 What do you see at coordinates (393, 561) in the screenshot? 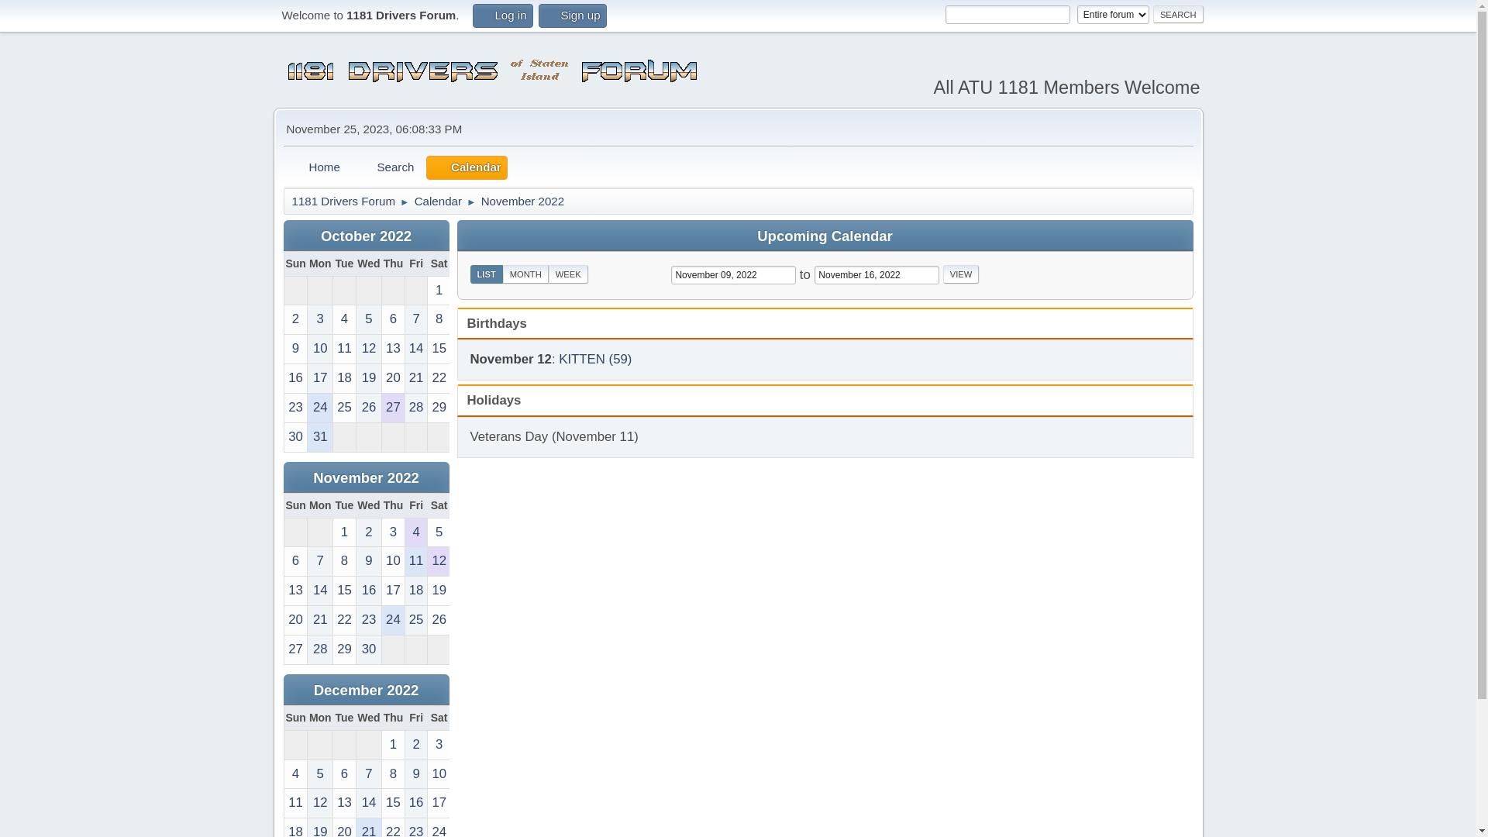
I see `'10'` at bounding box center [393, 561].